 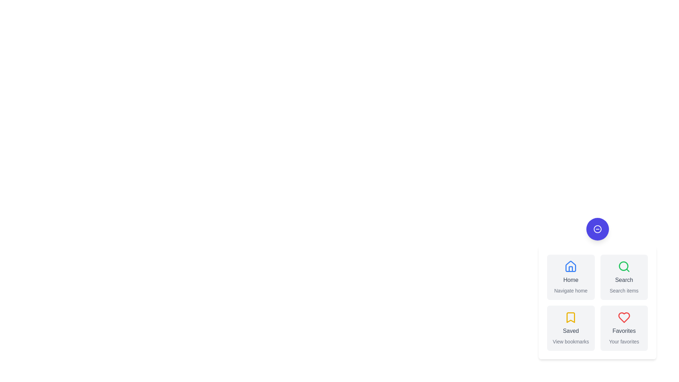 What do you see at coordinates (571, 328) in the screenshot?
I see `the 'Saved' button to view bookmarks` at bounding box center [571, 328].